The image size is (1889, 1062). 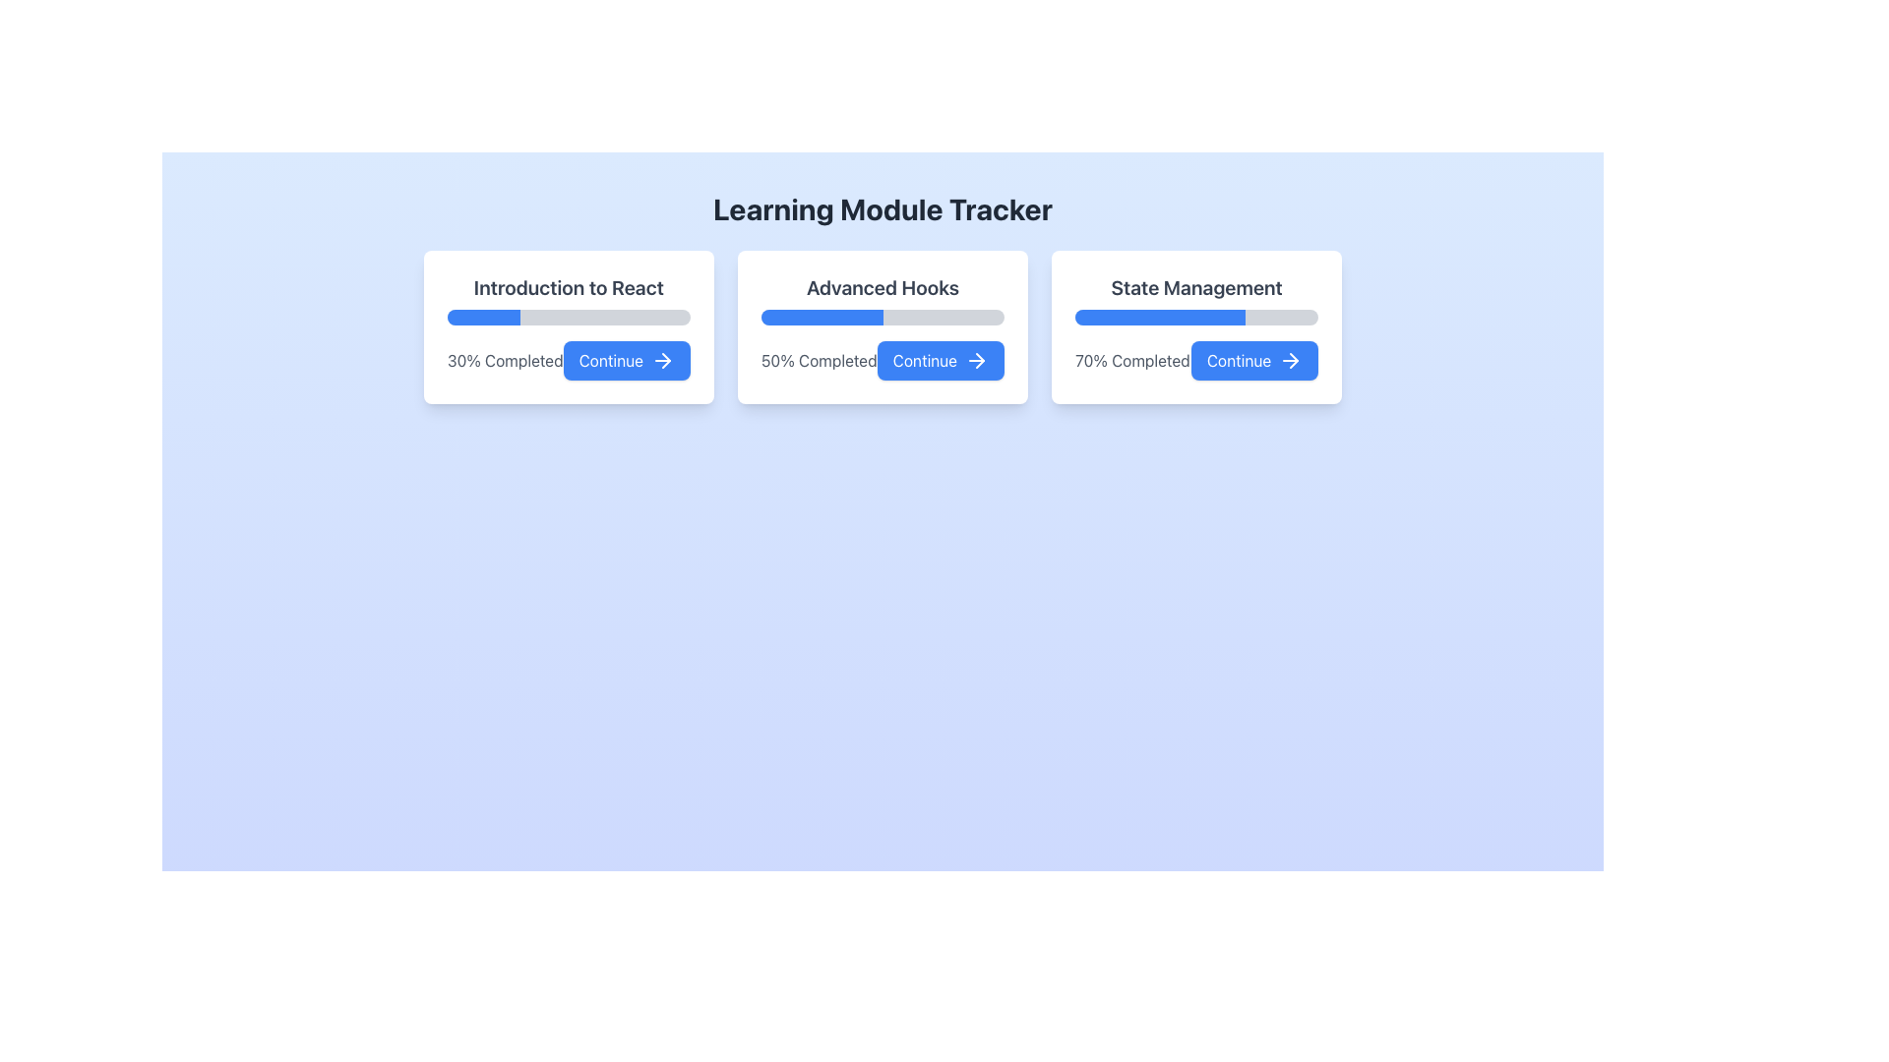 I want to click on the right-pointing arrow icon located within the 'Continue' button, which is styled with a blue background and white text, positioned in the card titled 'Introduction to React', so click(x=666, y=360).